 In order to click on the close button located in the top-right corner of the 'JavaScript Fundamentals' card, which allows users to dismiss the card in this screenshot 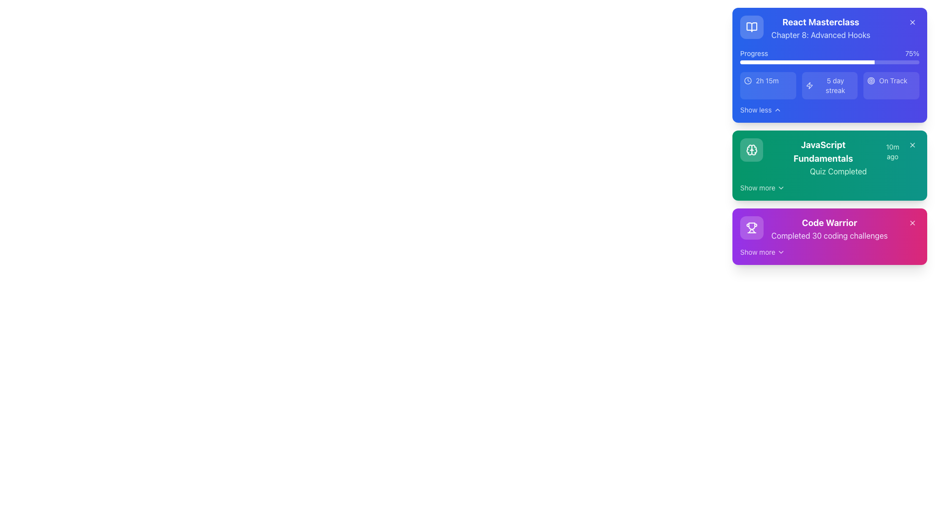, I will do `click(912, 145)`.